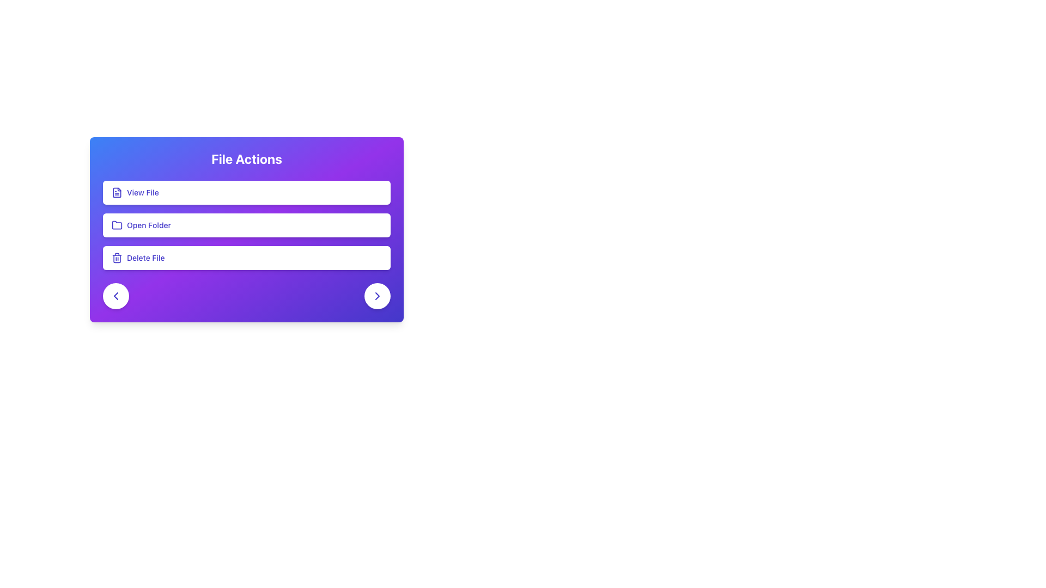  What do you see at coordinates (117, 192) in the screenshot?
I see `the first icon in the action list titled 'File Actions'` at bounding box center [117, 192].